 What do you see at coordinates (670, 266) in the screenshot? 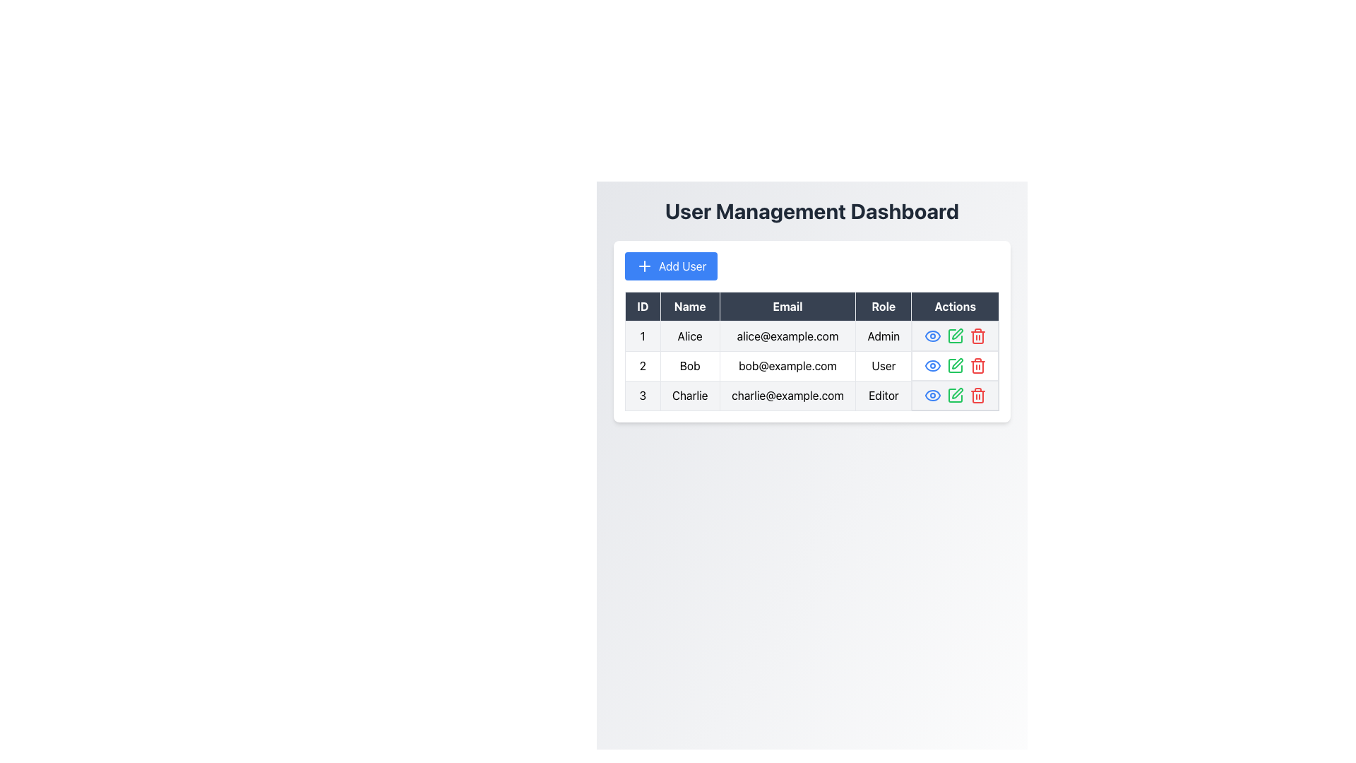
I see `the blue 'Add User' button with a plus sign icon` at bounding box center [670, 266].